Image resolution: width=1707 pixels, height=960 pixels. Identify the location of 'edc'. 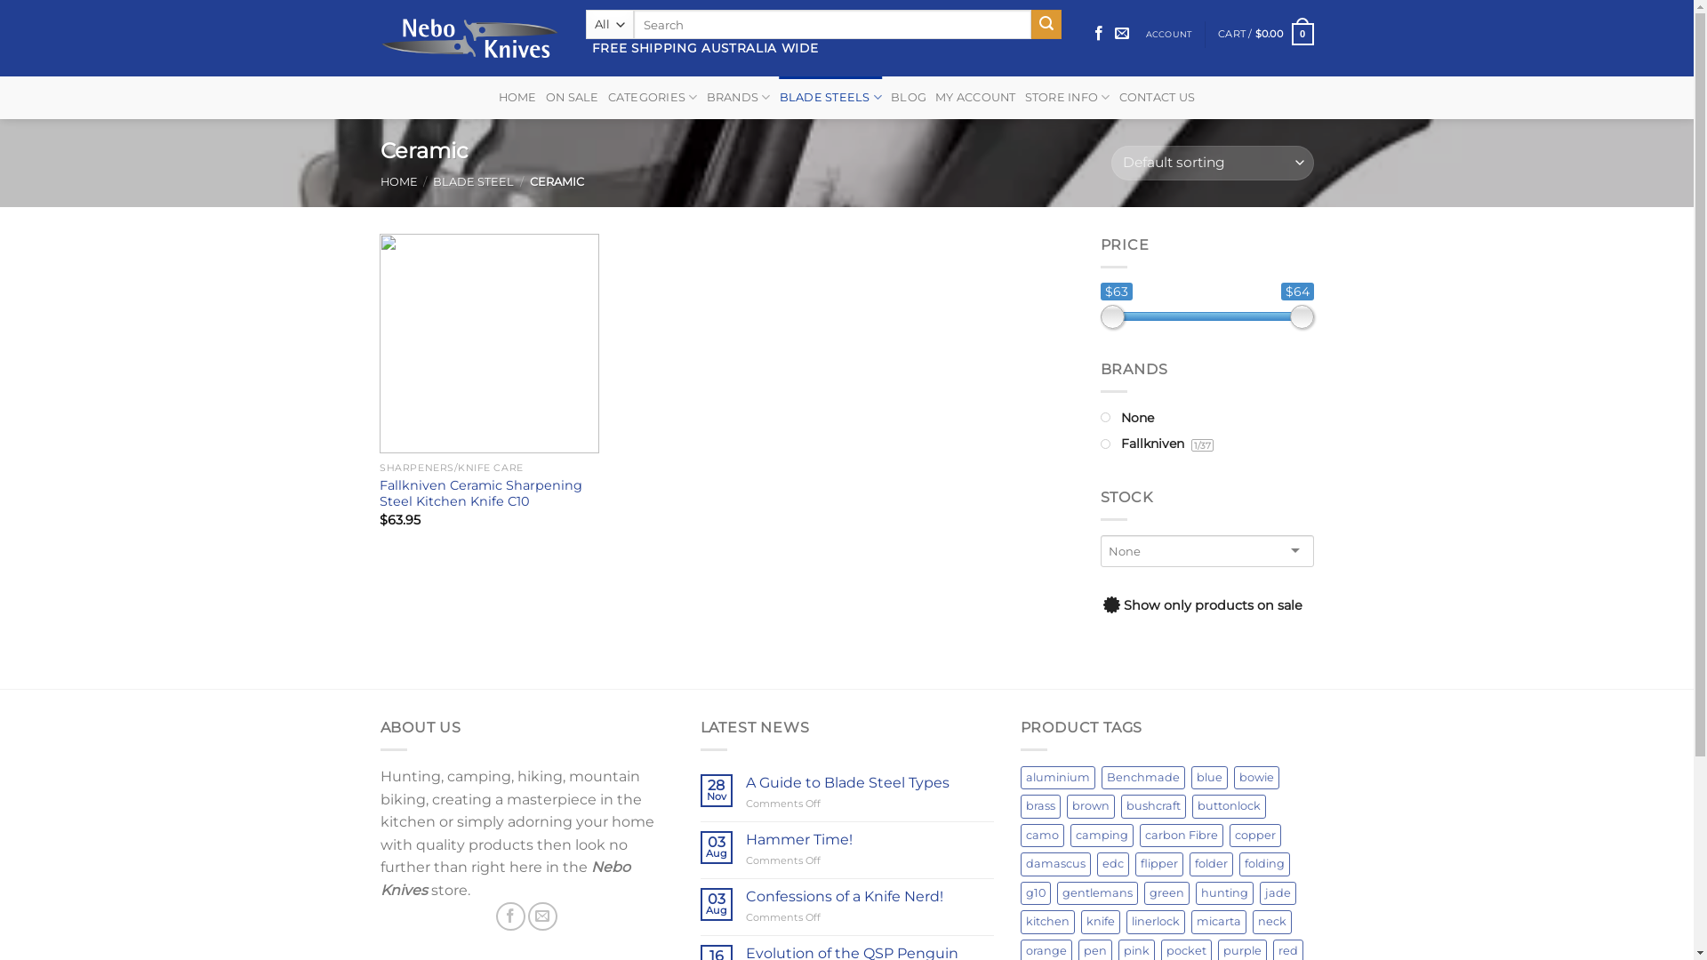
(1112, 863).